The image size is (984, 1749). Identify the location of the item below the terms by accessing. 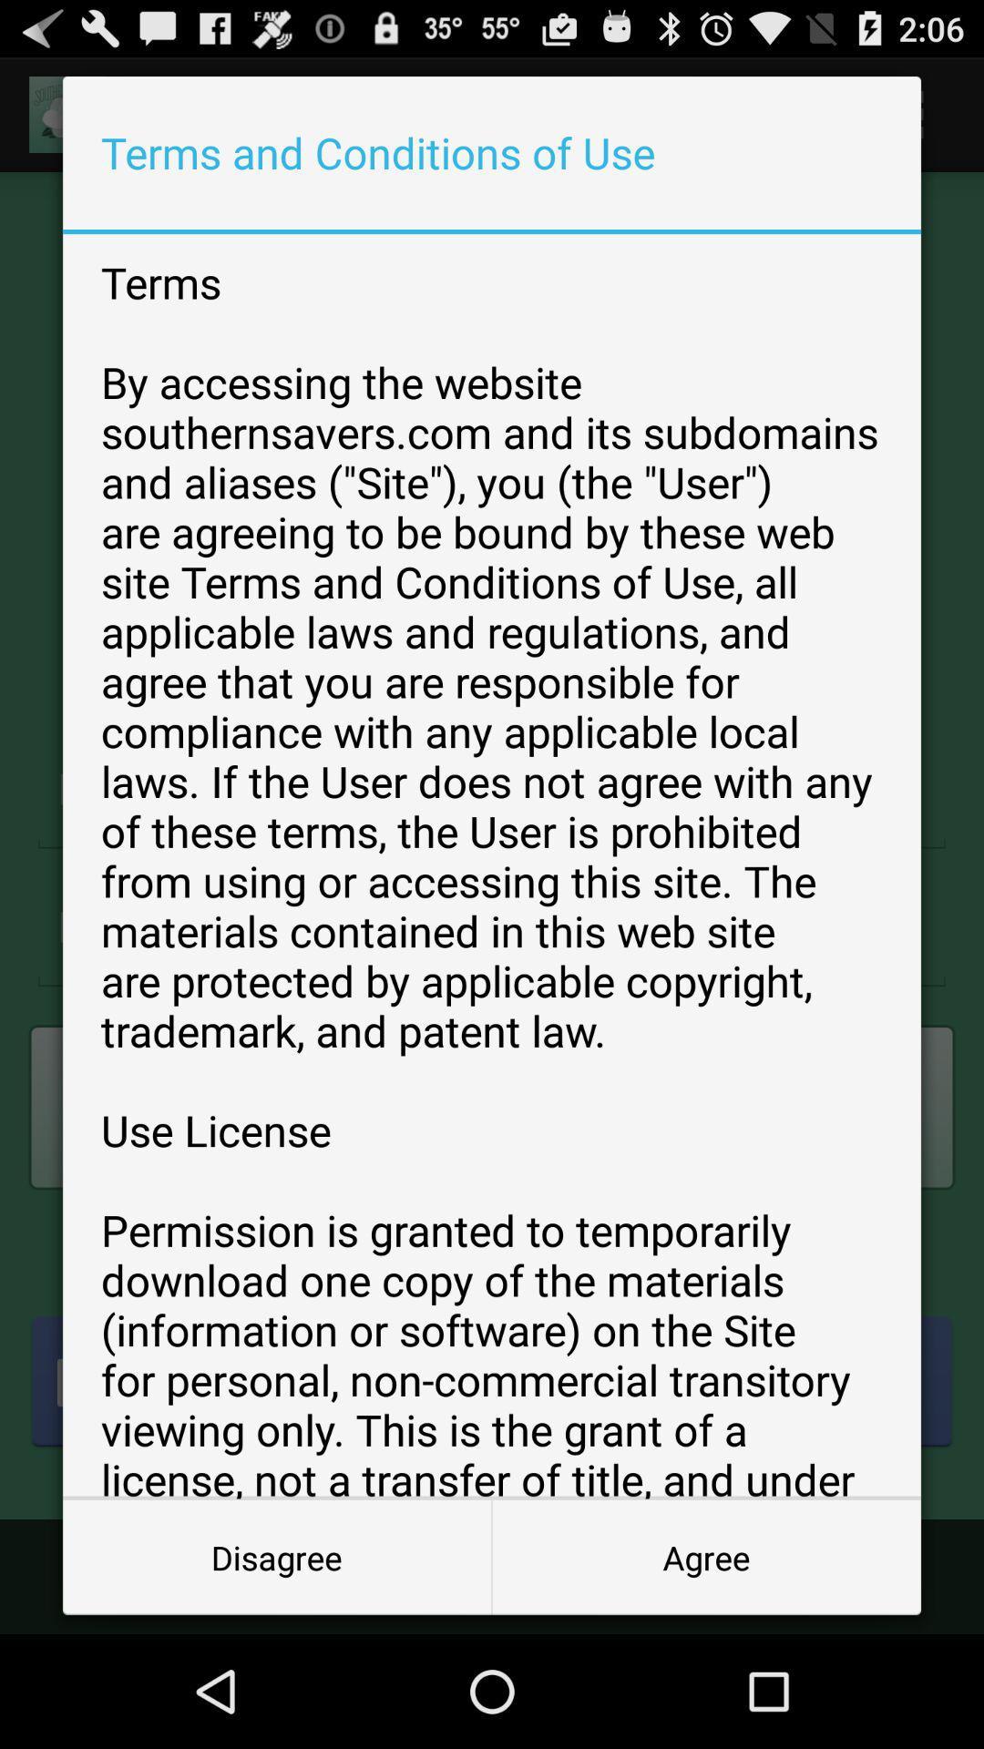
(705, 1556).